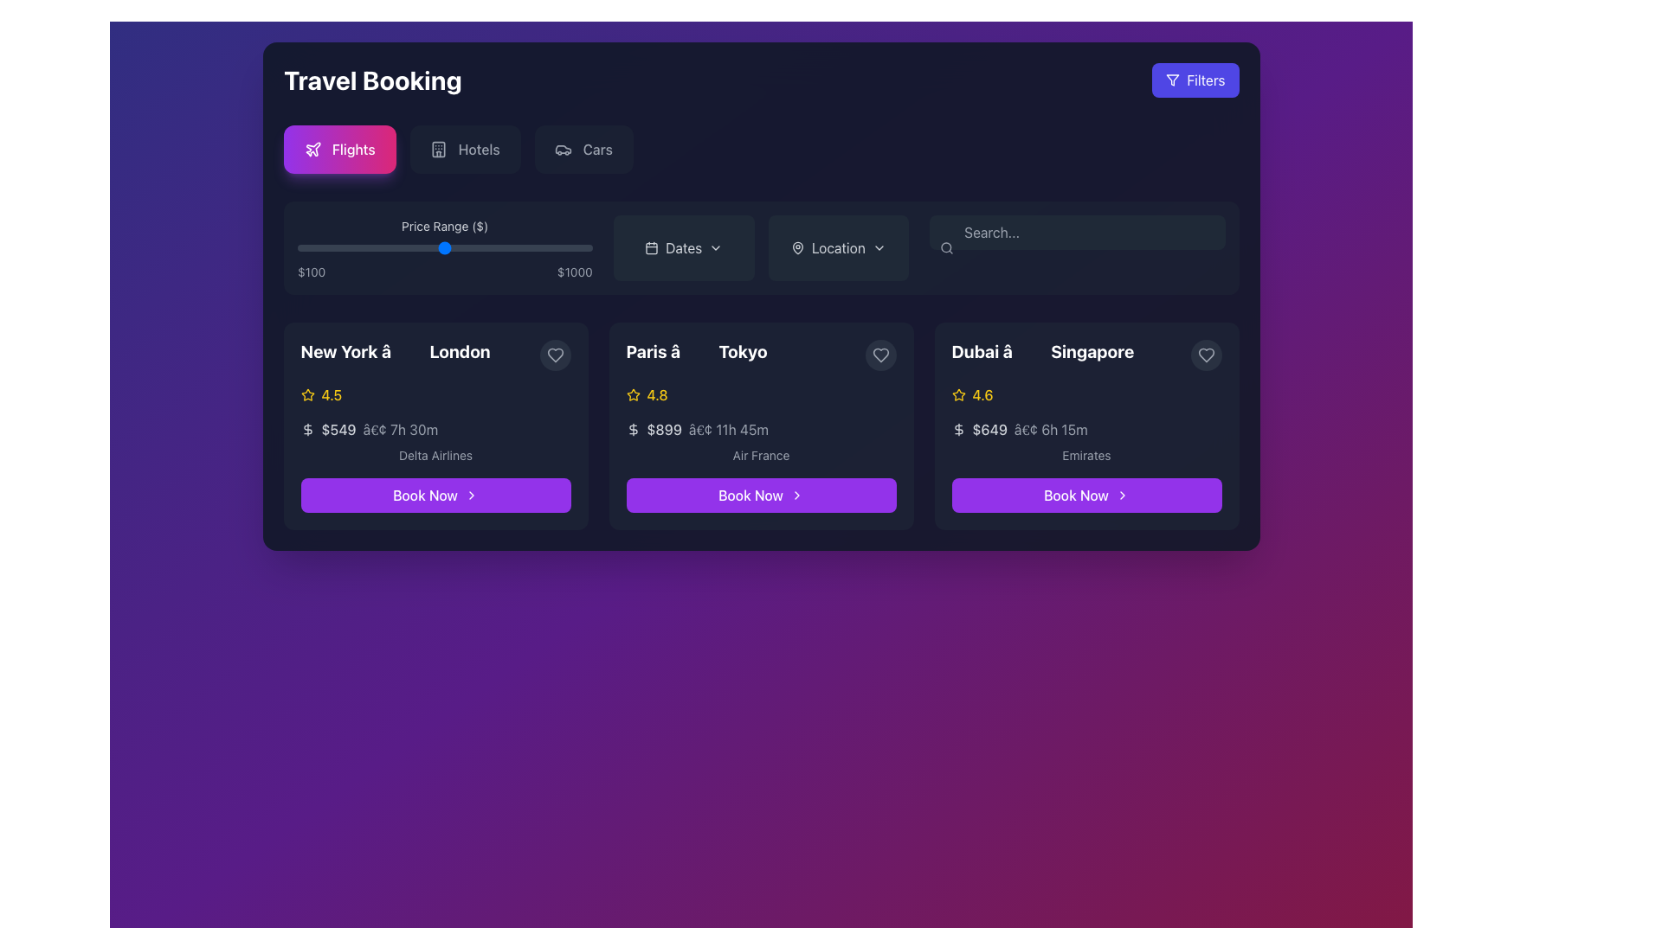 This screenshot has width=1662, height=934. I want to click on text from the upper-right text label displaying the value '$1000' on the price range slider, so click(575, 272).